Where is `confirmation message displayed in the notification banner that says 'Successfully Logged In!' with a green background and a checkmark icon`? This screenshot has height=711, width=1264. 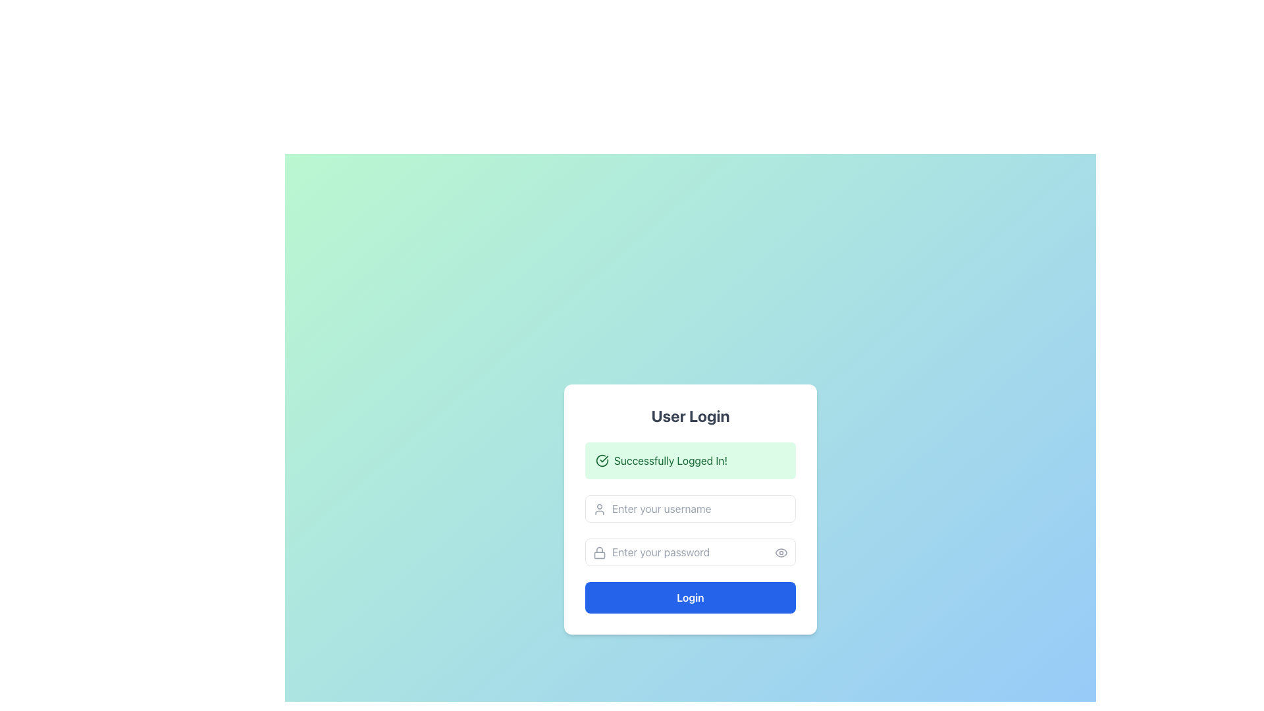
confirmation message displayed in the notification banner that says 'Successfully Logged In!' with a green background and a checkmark icon is located at coordinates (690, 460).